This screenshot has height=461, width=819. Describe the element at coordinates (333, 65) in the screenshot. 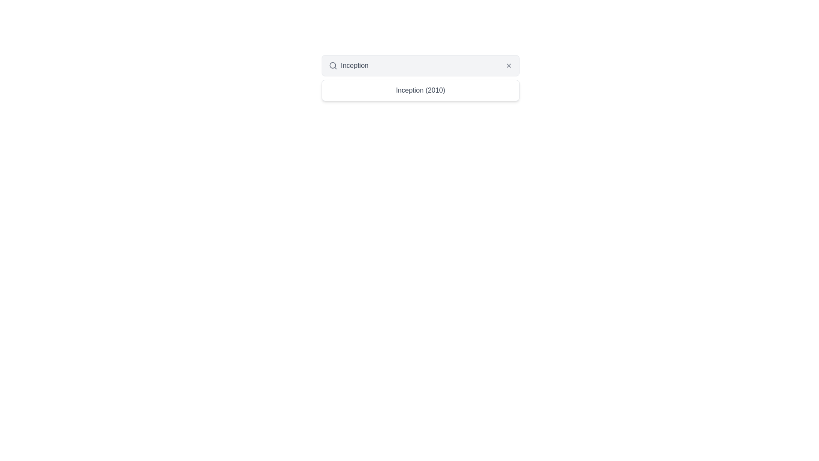

I see `the magnifying glass icon representing search functionality located at the far left side of the search bar component, preceding the text input field labeled 'Inception'` at that location.